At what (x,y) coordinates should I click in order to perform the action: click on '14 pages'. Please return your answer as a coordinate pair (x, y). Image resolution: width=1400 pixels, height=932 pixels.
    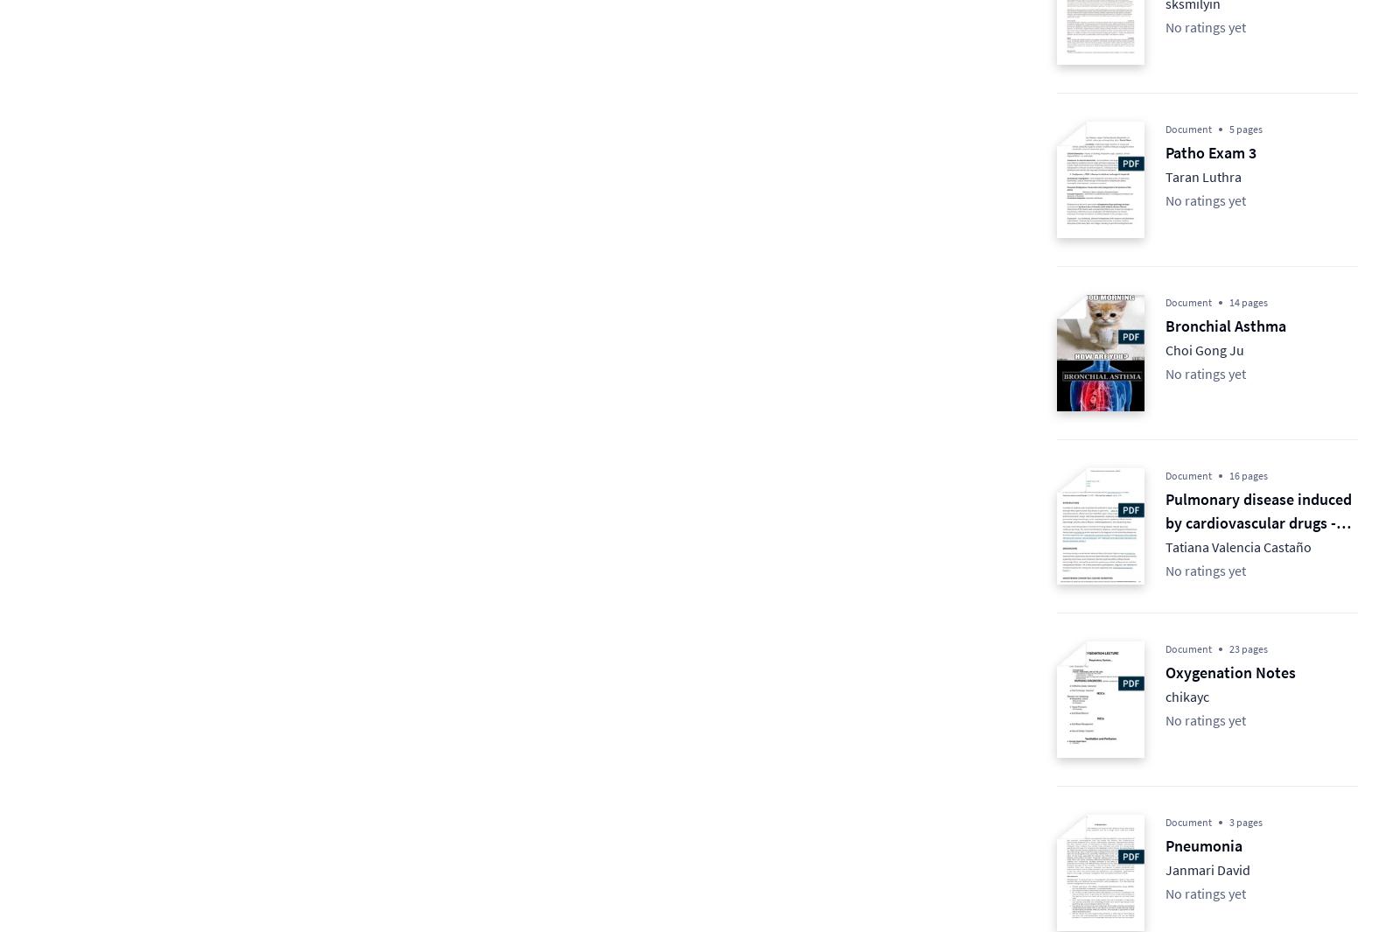
    Looking at the image, I should click on (1249, 301).